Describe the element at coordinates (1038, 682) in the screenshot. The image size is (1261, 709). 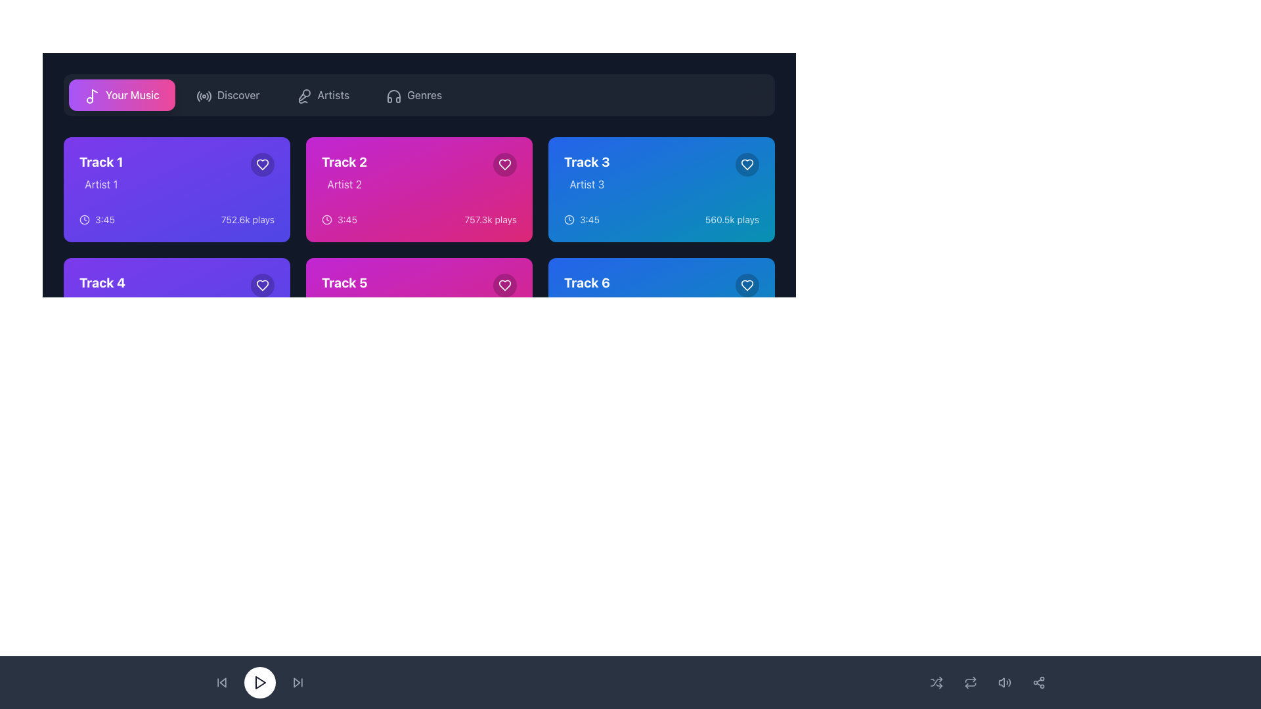
I see `the compact icon resembling a network or share symbol, located in the bottom navigation bar on the far right side` at that location.